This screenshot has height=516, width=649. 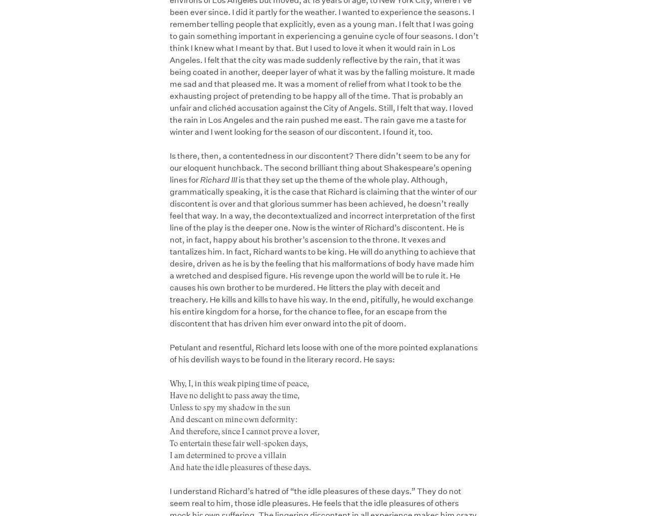 What do you see at coordinates (238, 442) in the screenshot?
I see `'To entertain these fair well-spoken days,'` at bounding box center [238, 442].